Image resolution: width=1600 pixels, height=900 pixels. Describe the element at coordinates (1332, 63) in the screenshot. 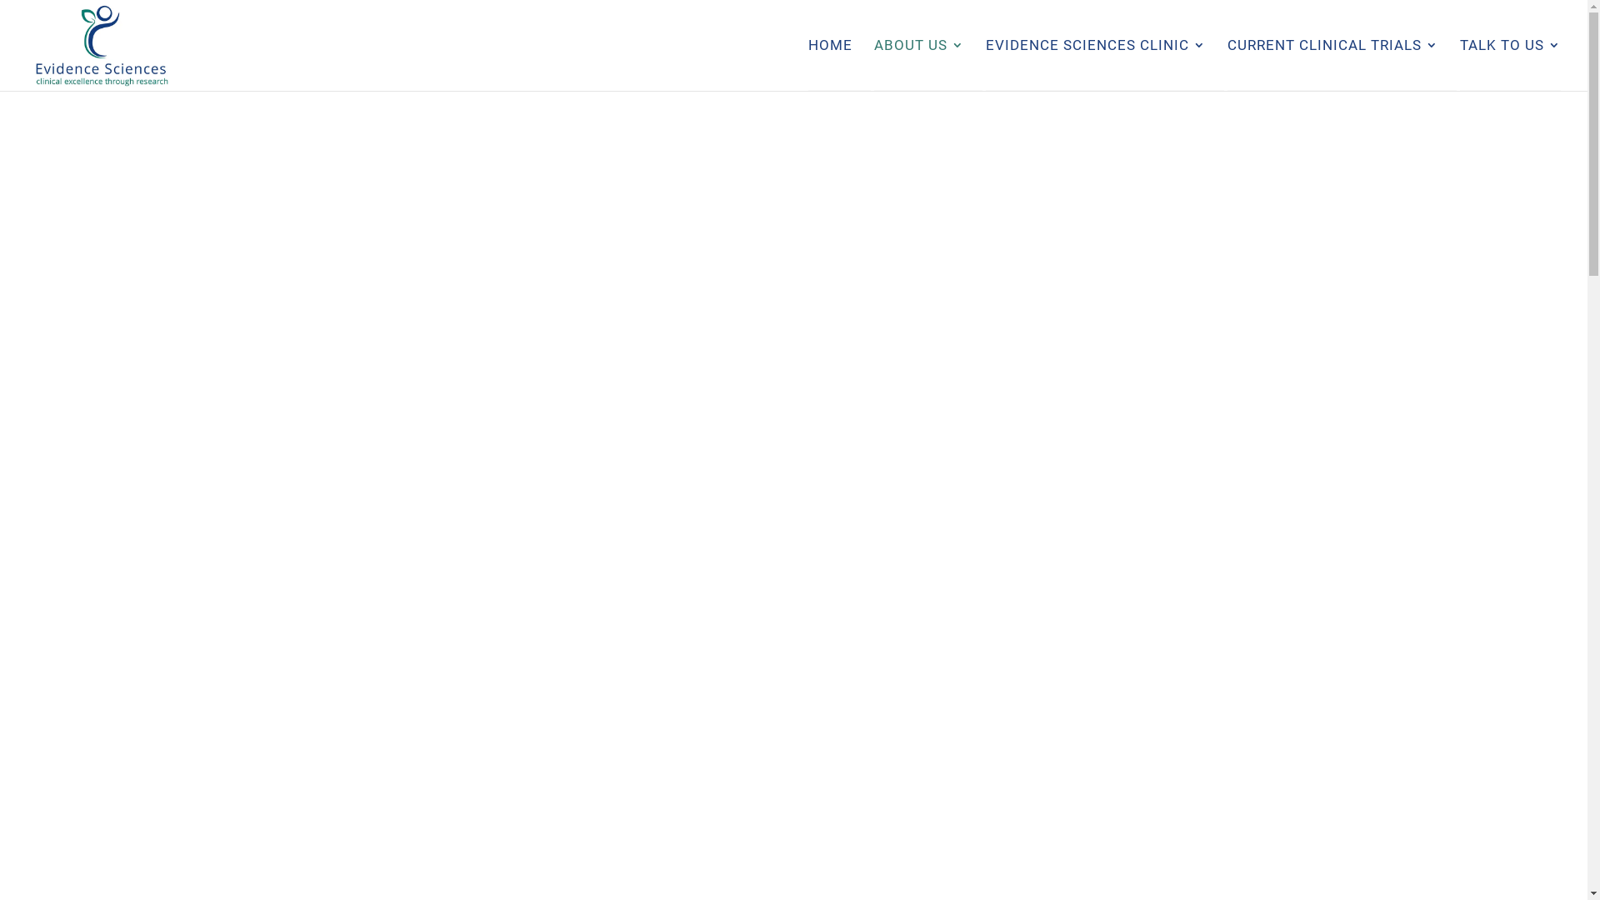

I see `'CURRENT CLINICAL TRIALS'` at that location.